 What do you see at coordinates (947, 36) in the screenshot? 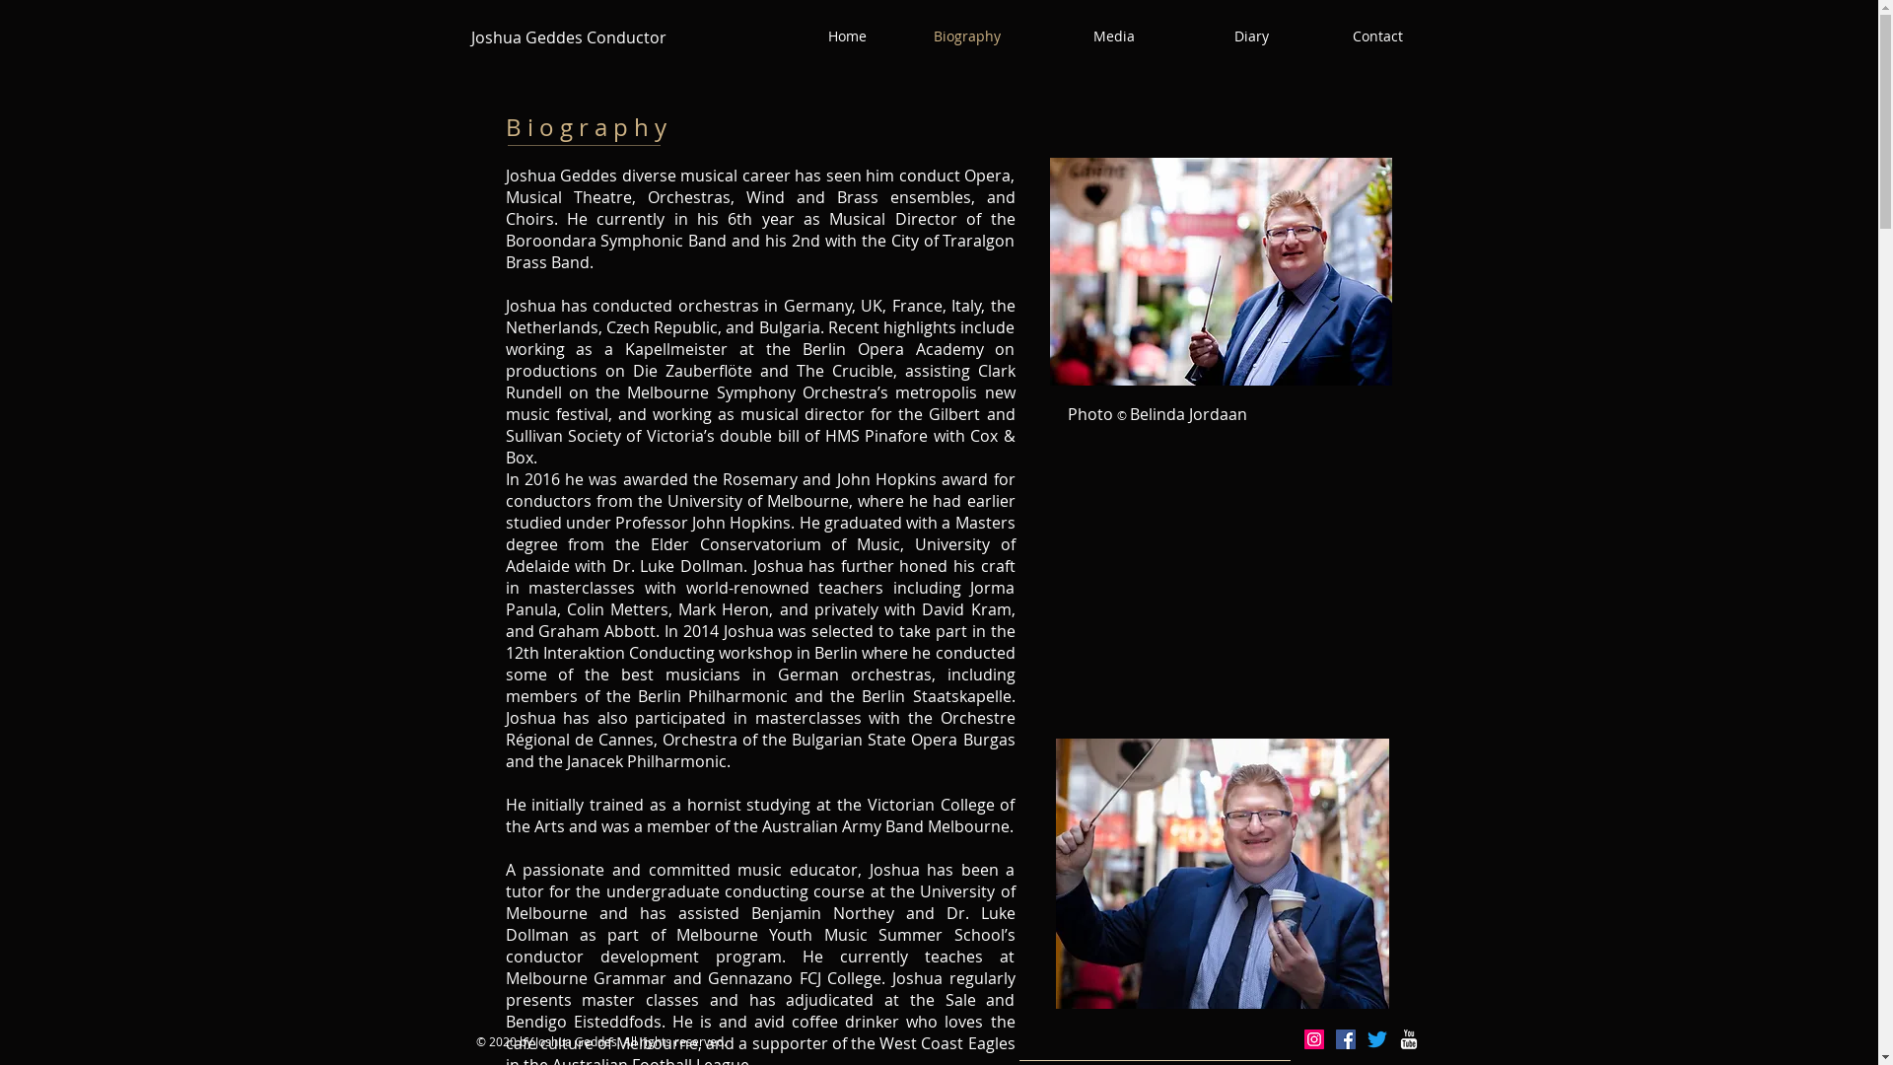
I see `'Biography'` at bounding box center [947, 36].